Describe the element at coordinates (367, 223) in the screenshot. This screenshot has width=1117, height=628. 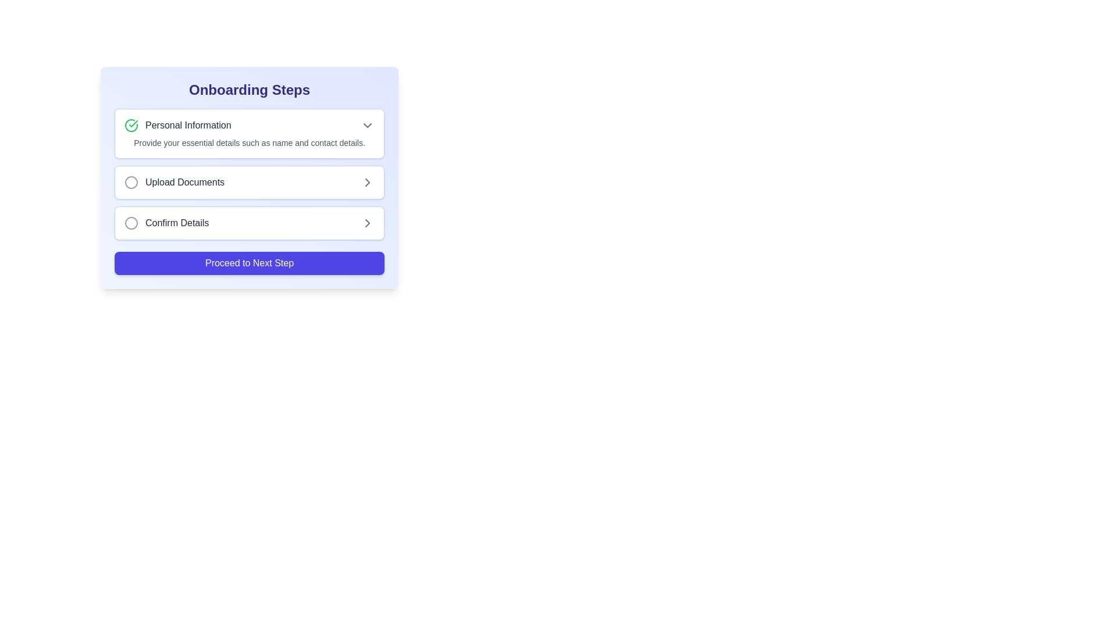
I see `the rightward chevron icon in the 'Confirm Details' list item` at that location.